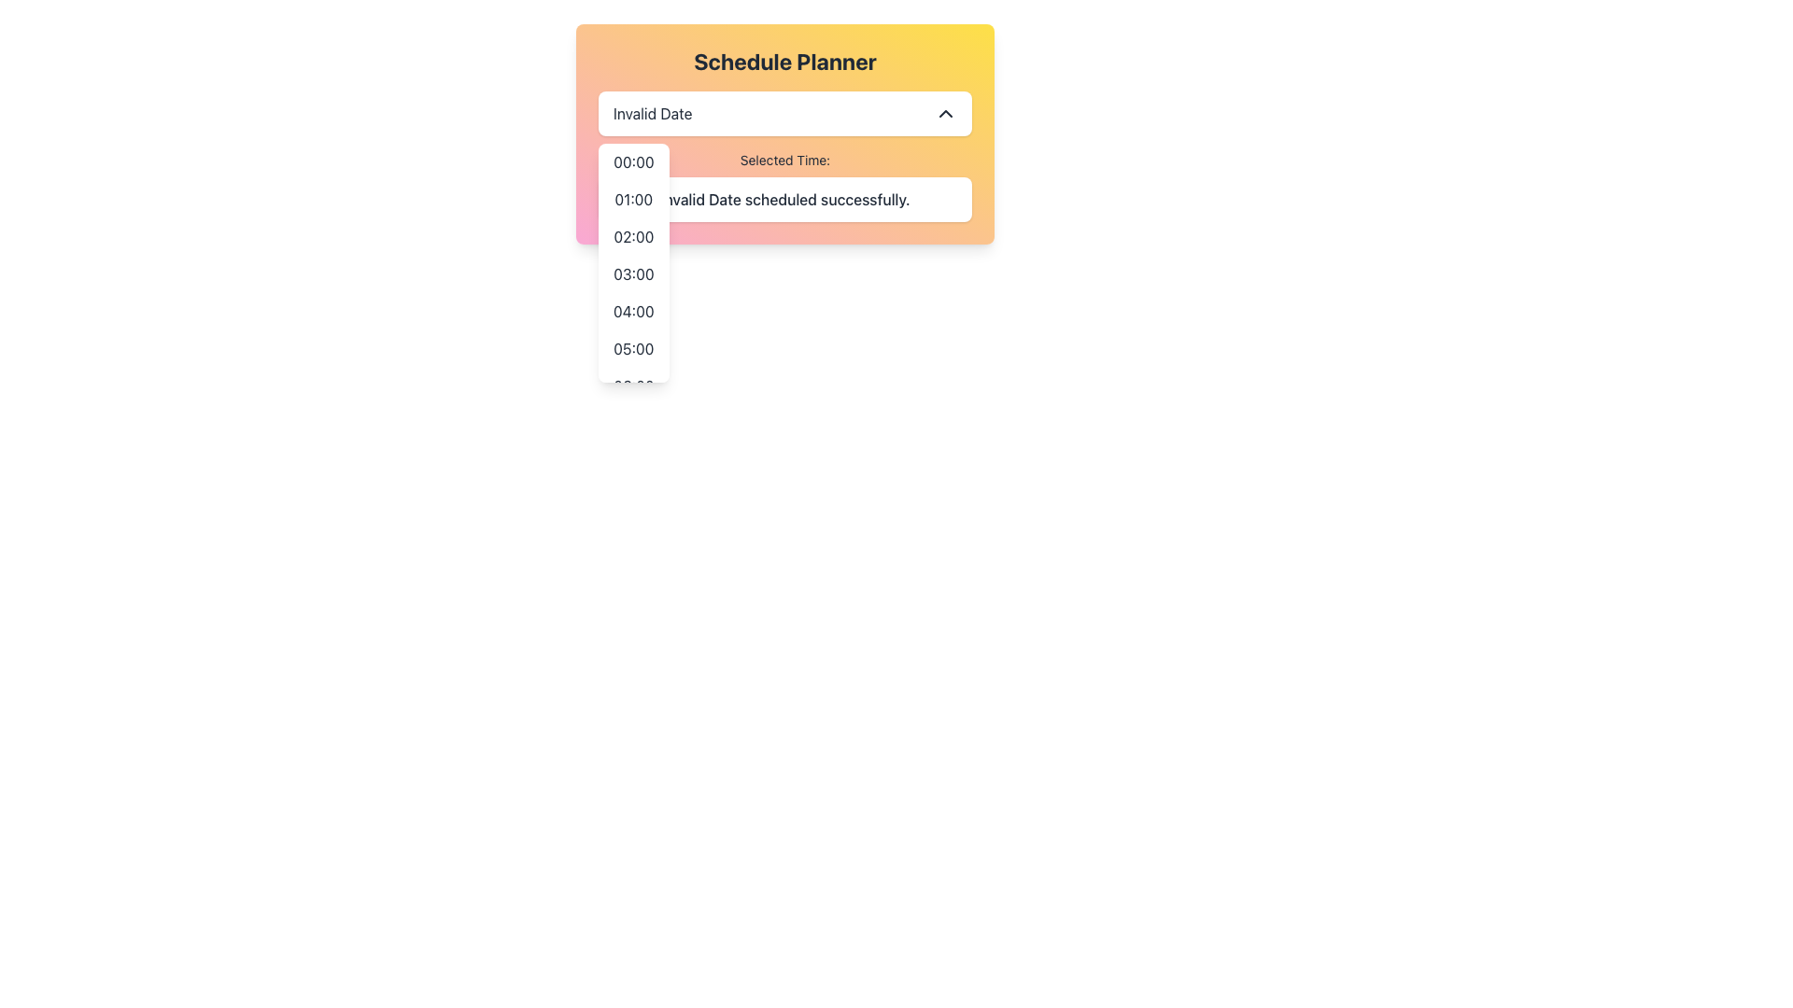 The height and width of the screenshot is (1008, 1793). I want to click on the second item in the dropdown menu under the 'Schedule Planner' header, so click(633, 199).